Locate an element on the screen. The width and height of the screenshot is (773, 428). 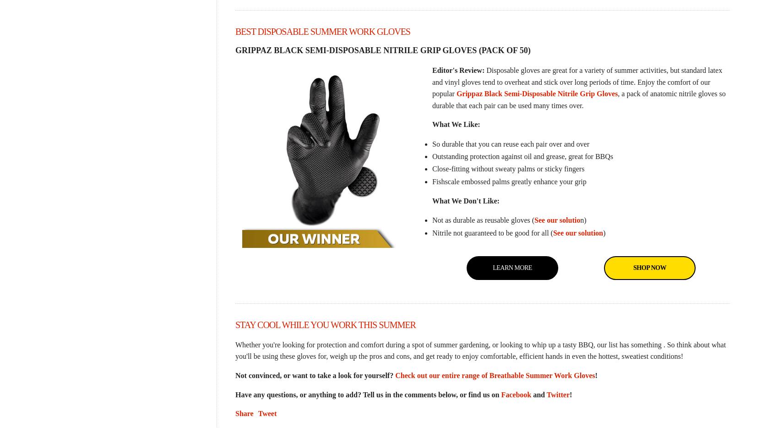
'Facebook' is located at coordinates (500, 394).